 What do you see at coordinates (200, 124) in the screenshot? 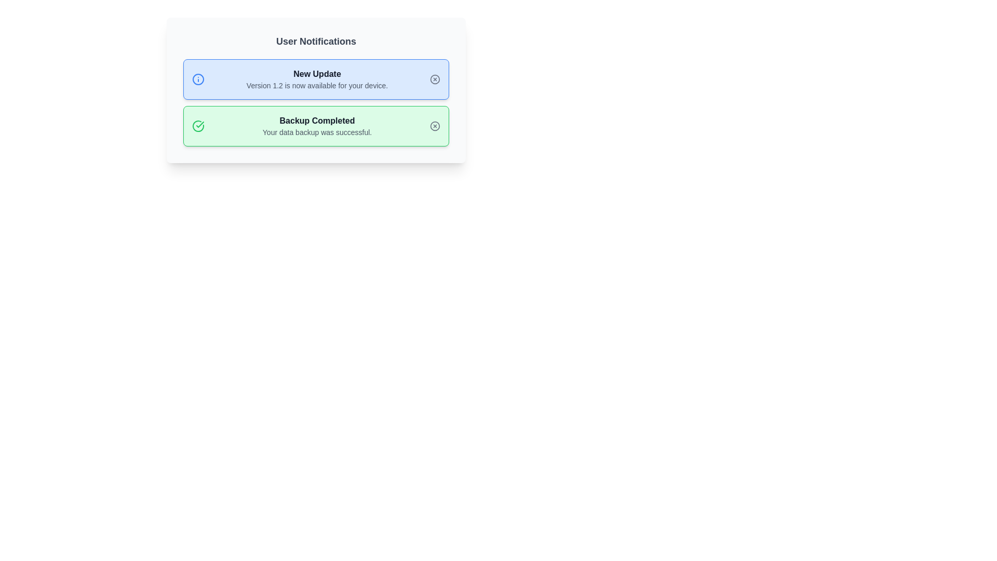
I see `icon indicating successful backup completion located inside the green notification box labeled 'Backup Completed', positioned on the left side of the text` at bounding box center [200, 124].